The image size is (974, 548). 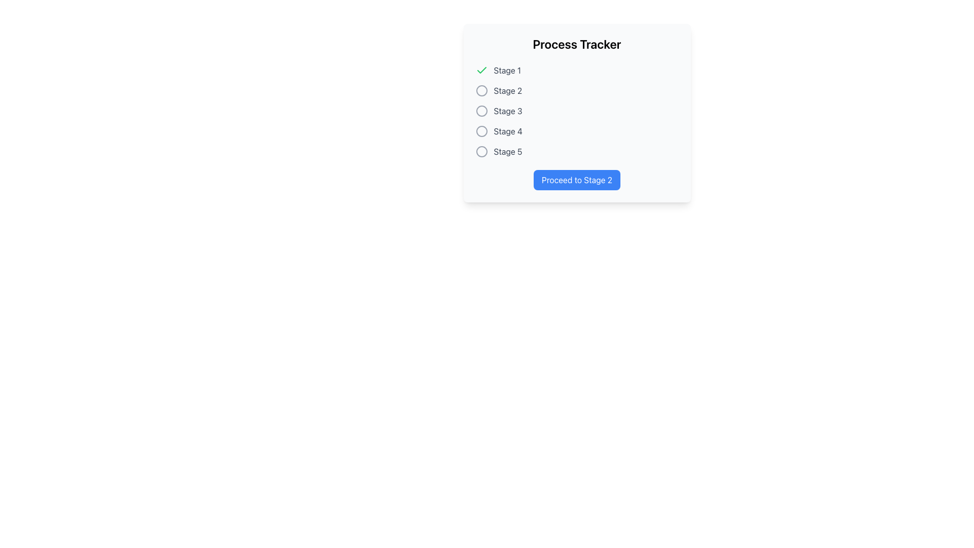 What do you see at coordinates (508, 90) in the screenshot?
I see `the text label 'Stage 2', which is styled in gray color and is part of a checklist-like interface, positioned adjacent to the second radio button` at bounding box center [508, 90].